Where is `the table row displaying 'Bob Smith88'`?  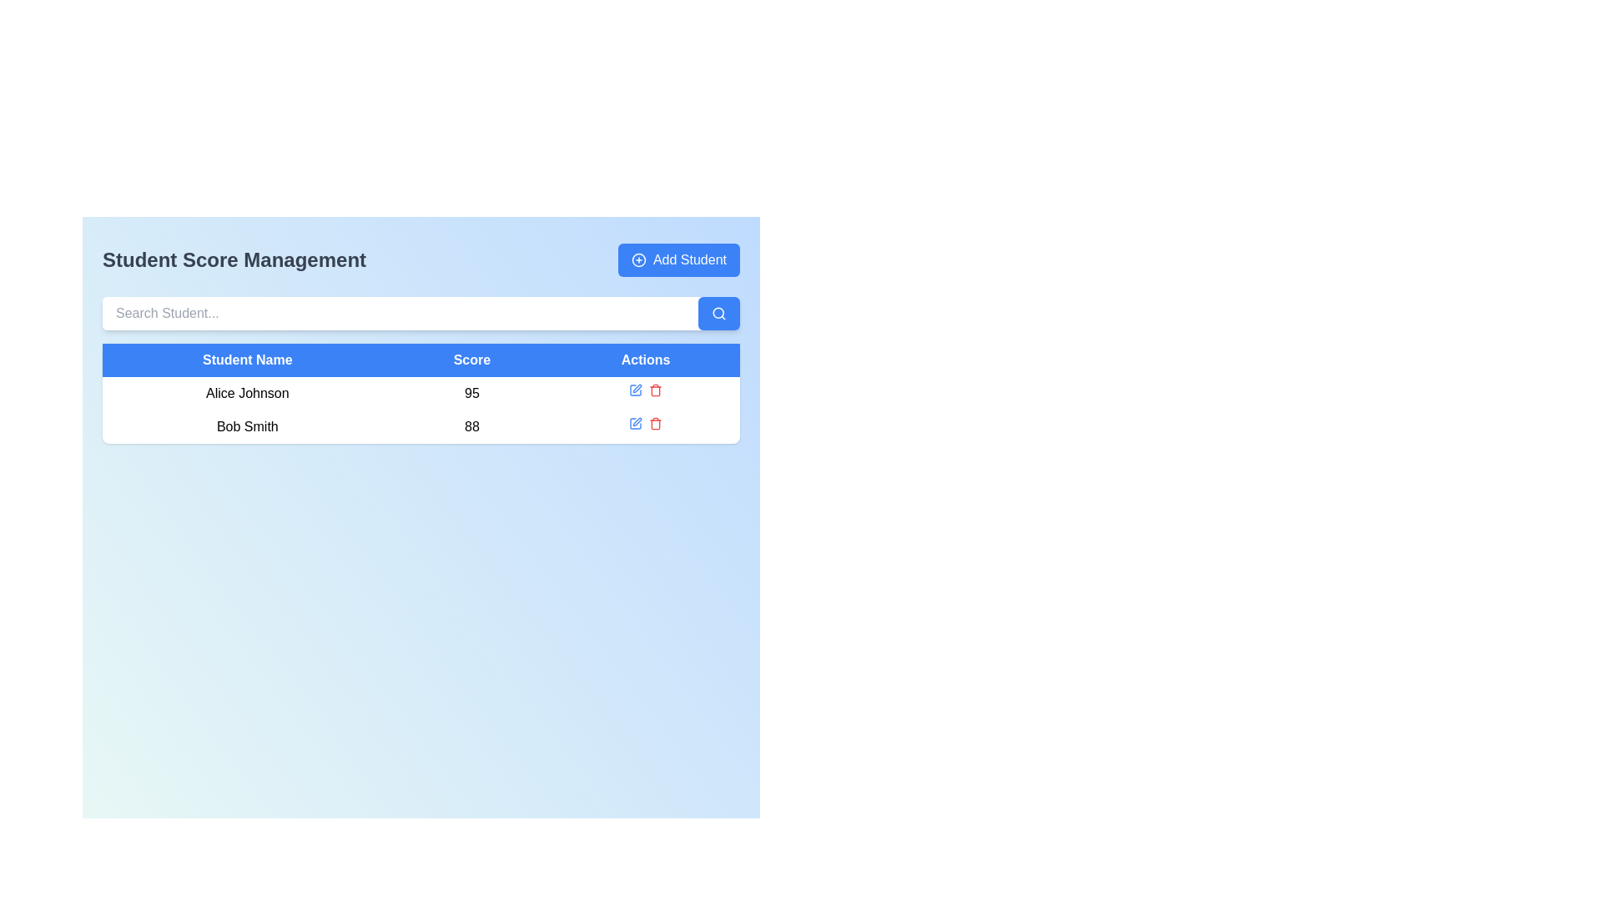 the table row displaying 'Bob Smith88' is located at coordinates (421, 426).